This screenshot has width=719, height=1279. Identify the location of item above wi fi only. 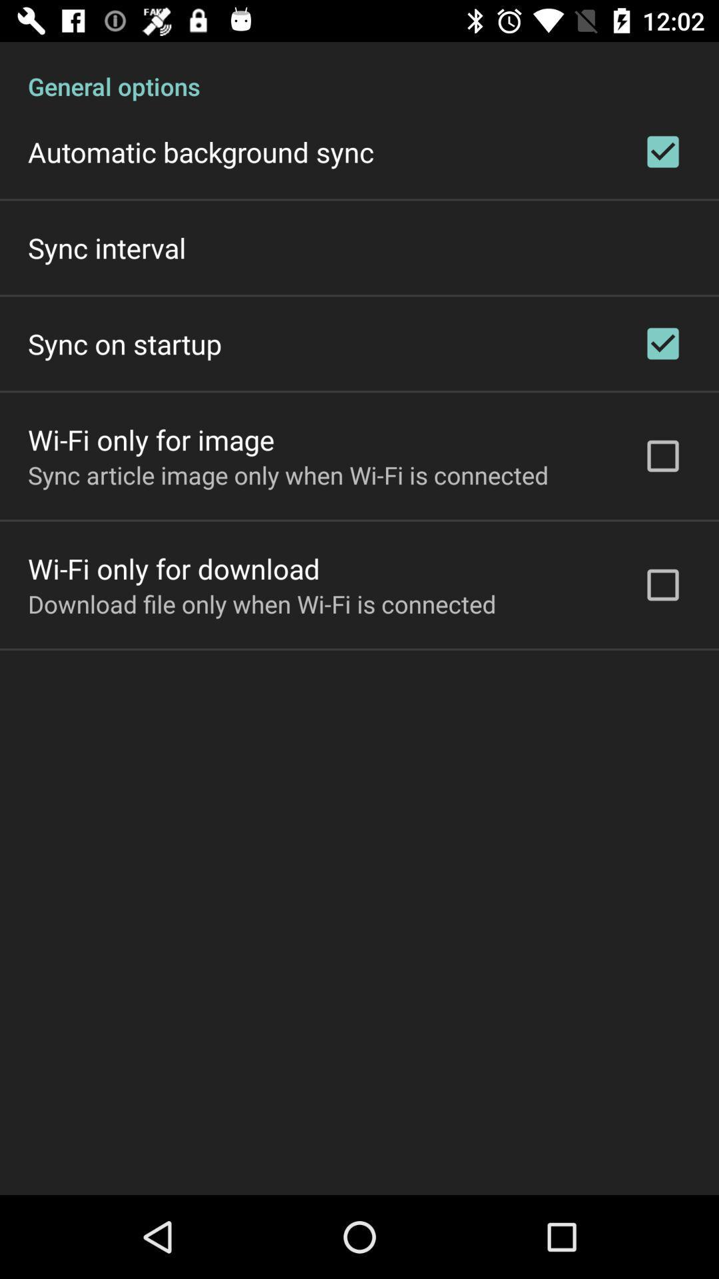
(124, 343).